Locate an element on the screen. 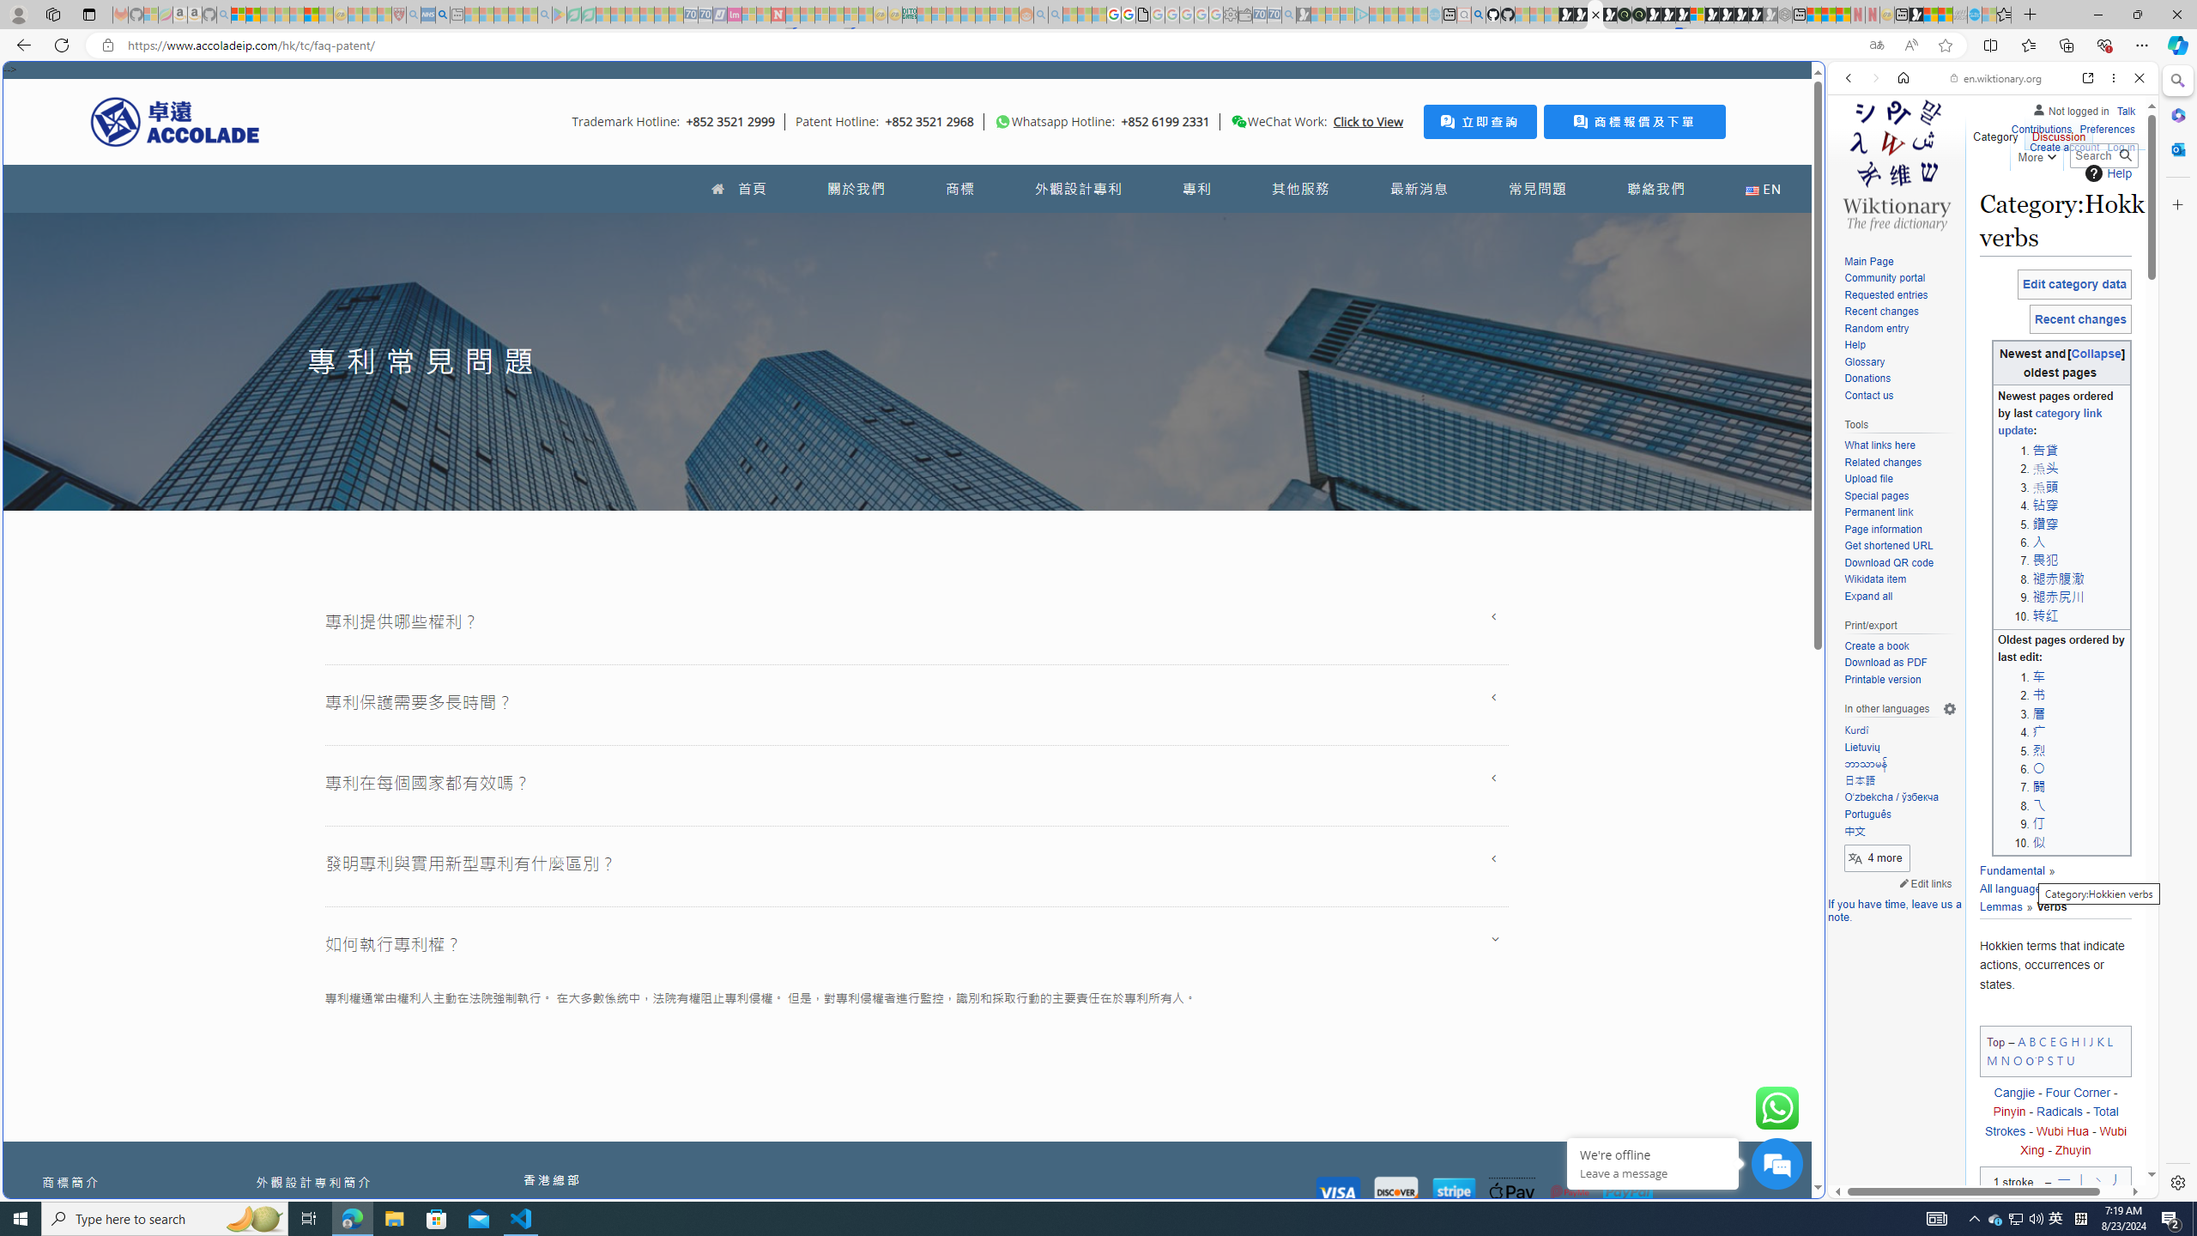  'Total Strokes' is located at coordinates (2049, 1120).